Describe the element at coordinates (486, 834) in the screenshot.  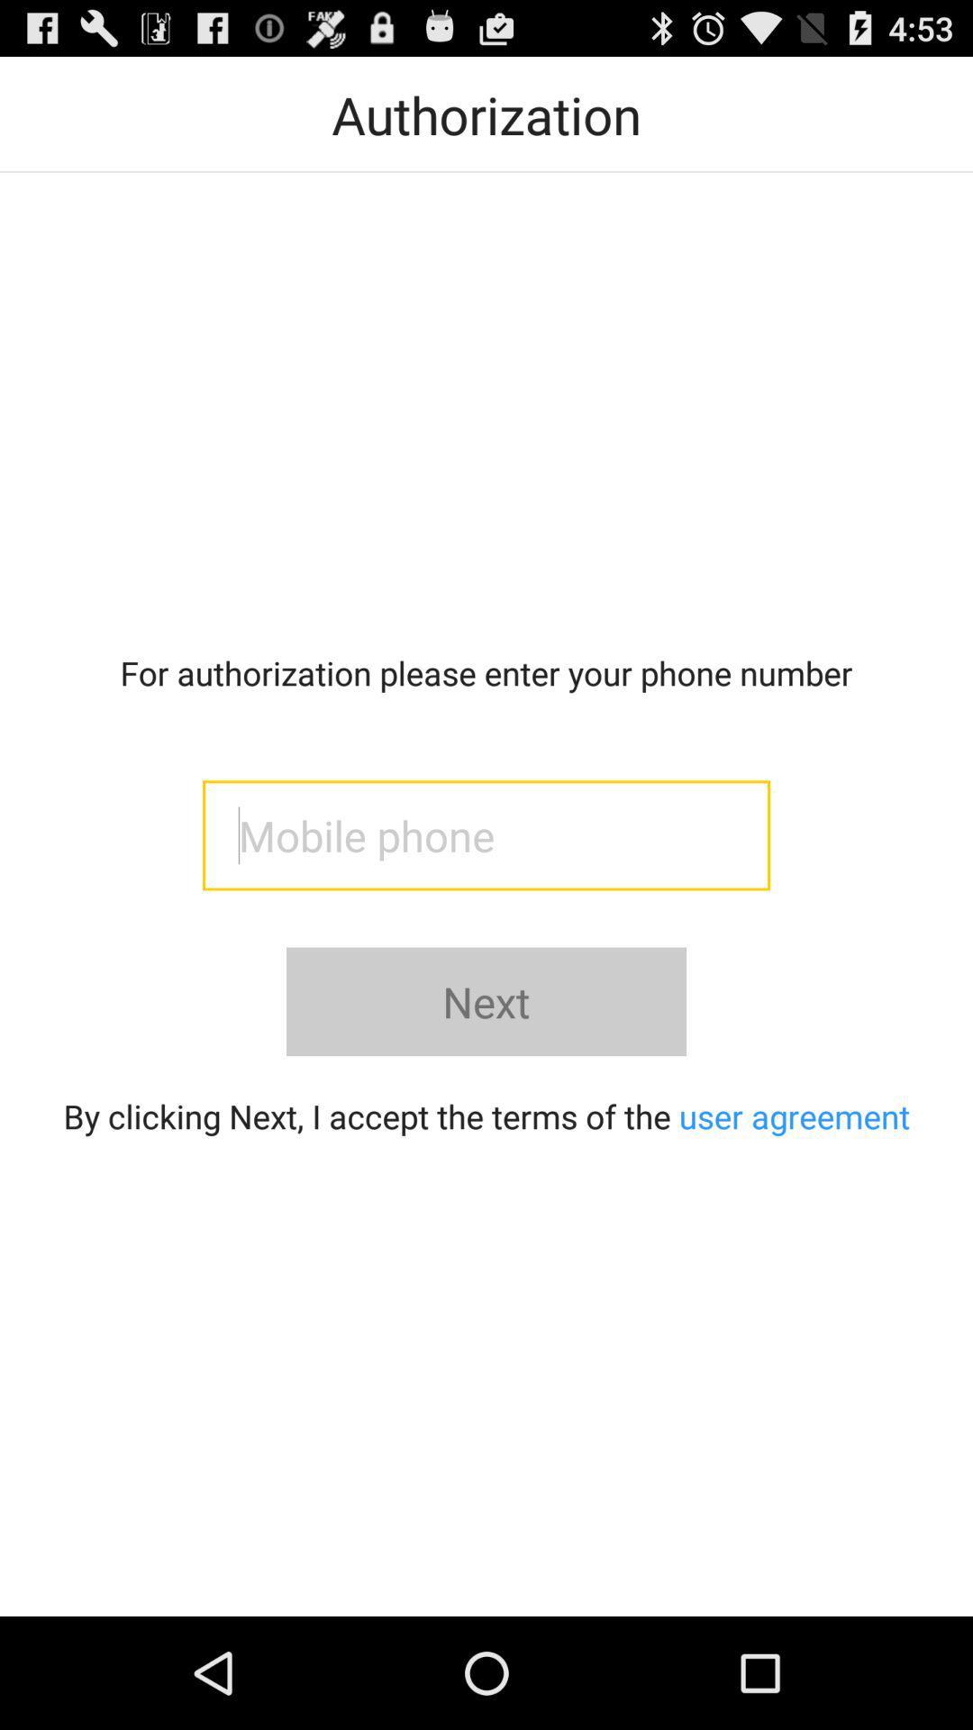
I see `your phone number` at that location.